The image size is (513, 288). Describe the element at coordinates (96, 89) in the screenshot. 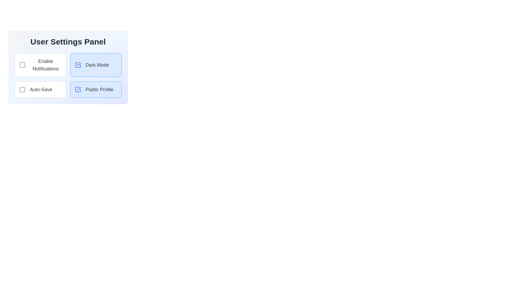

I see `the 'Public Profile' toggle button` at that location.